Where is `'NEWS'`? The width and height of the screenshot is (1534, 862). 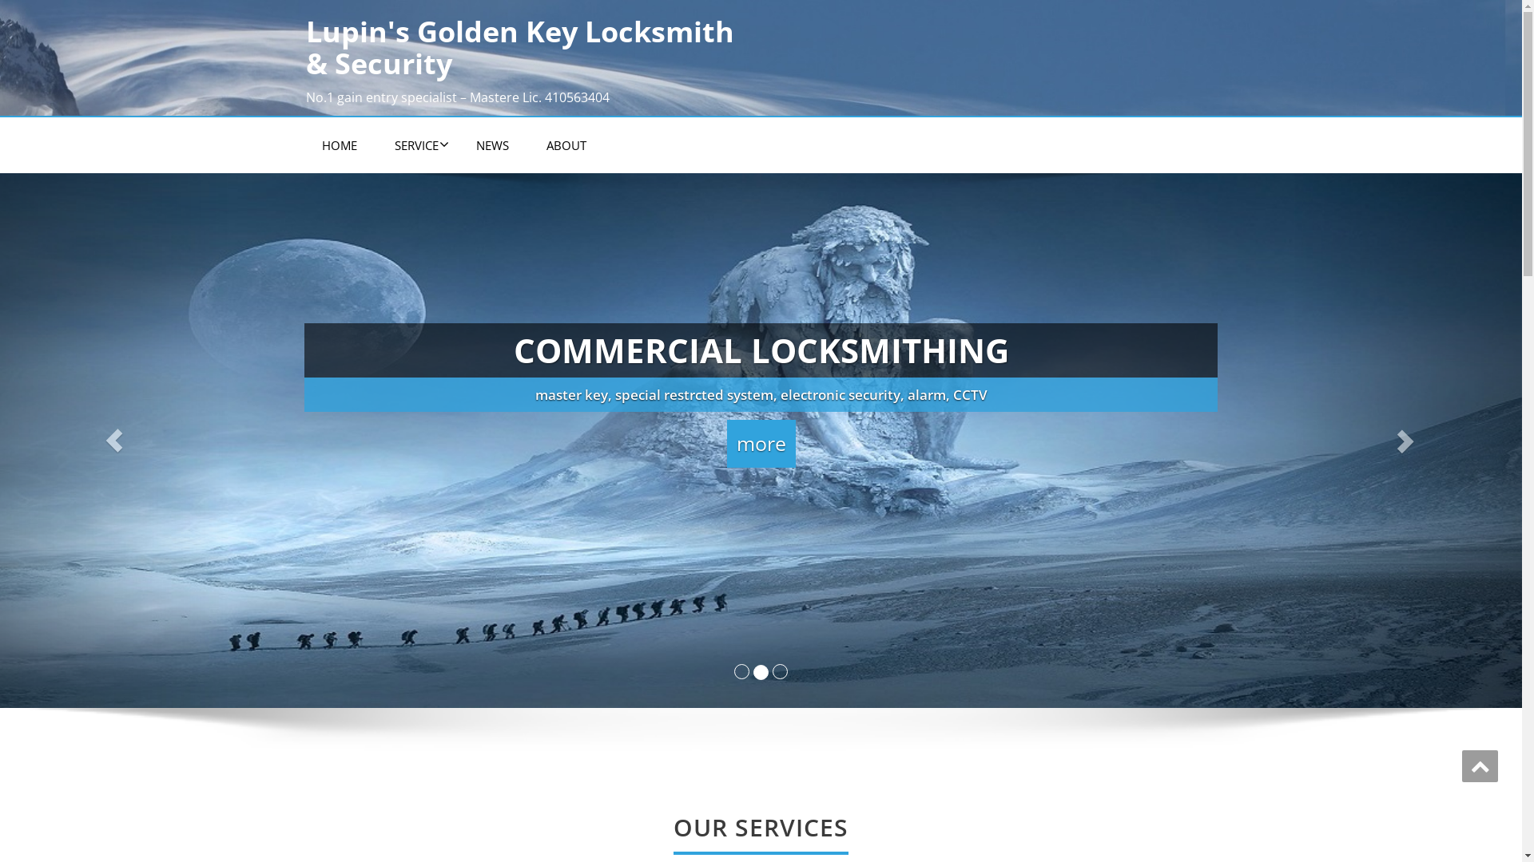 'NEWS' is located at coordinates (491, 144).